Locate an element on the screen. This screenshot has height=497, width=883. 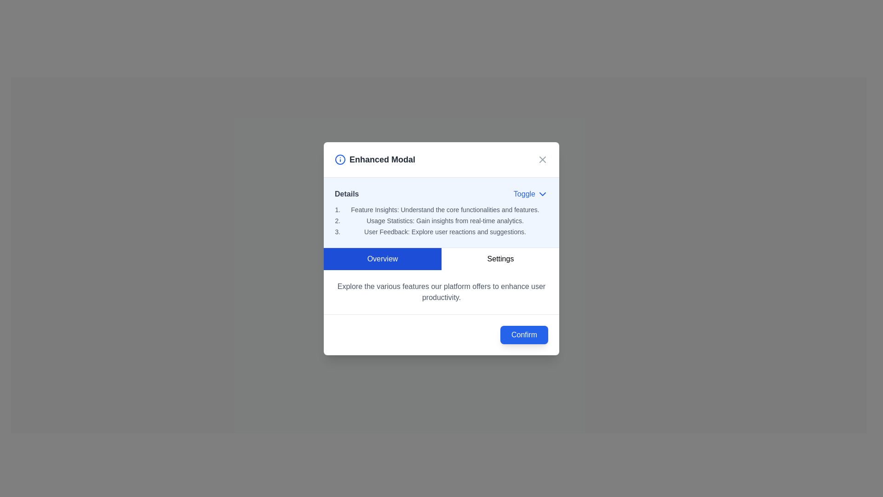
the 'Settings' button, which is a rectangular button with centered black text on a white background, located in the lower section of the modal interface is located at coordinates (500, 259).